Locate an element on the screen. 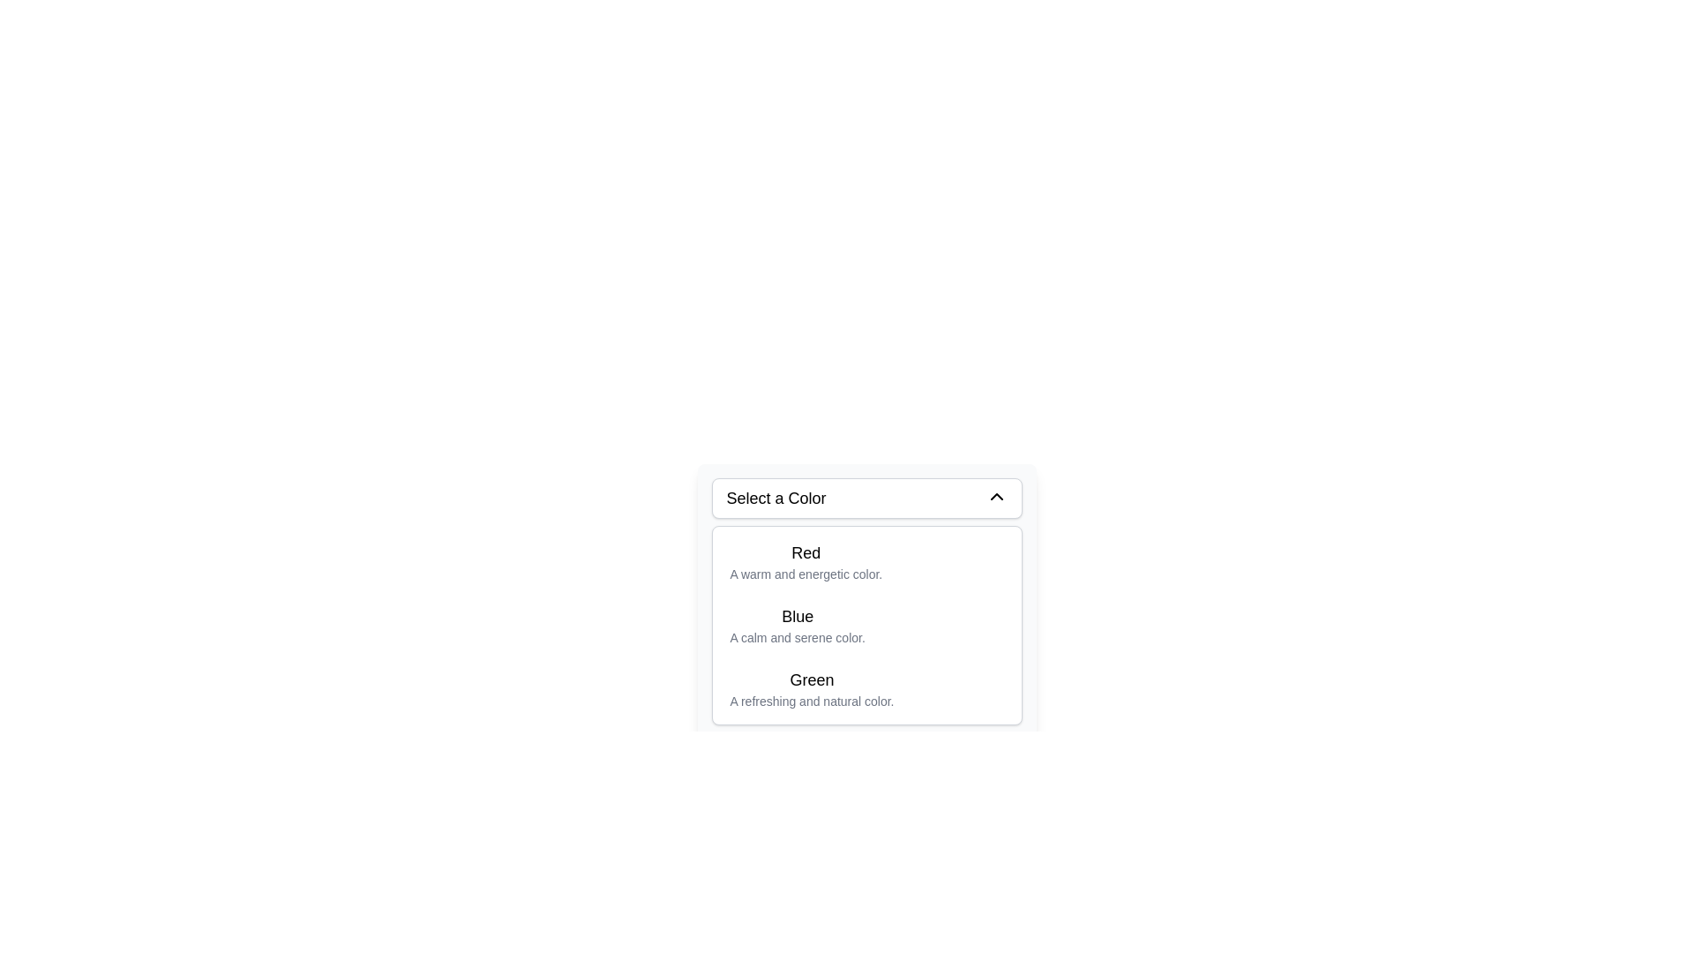 This screenshot has height=953, width=1694. the descriptive Text label located below the 'Red' label in the dropdown list, which provides additional information regarding the associated color is located at coordinates (805, 574).